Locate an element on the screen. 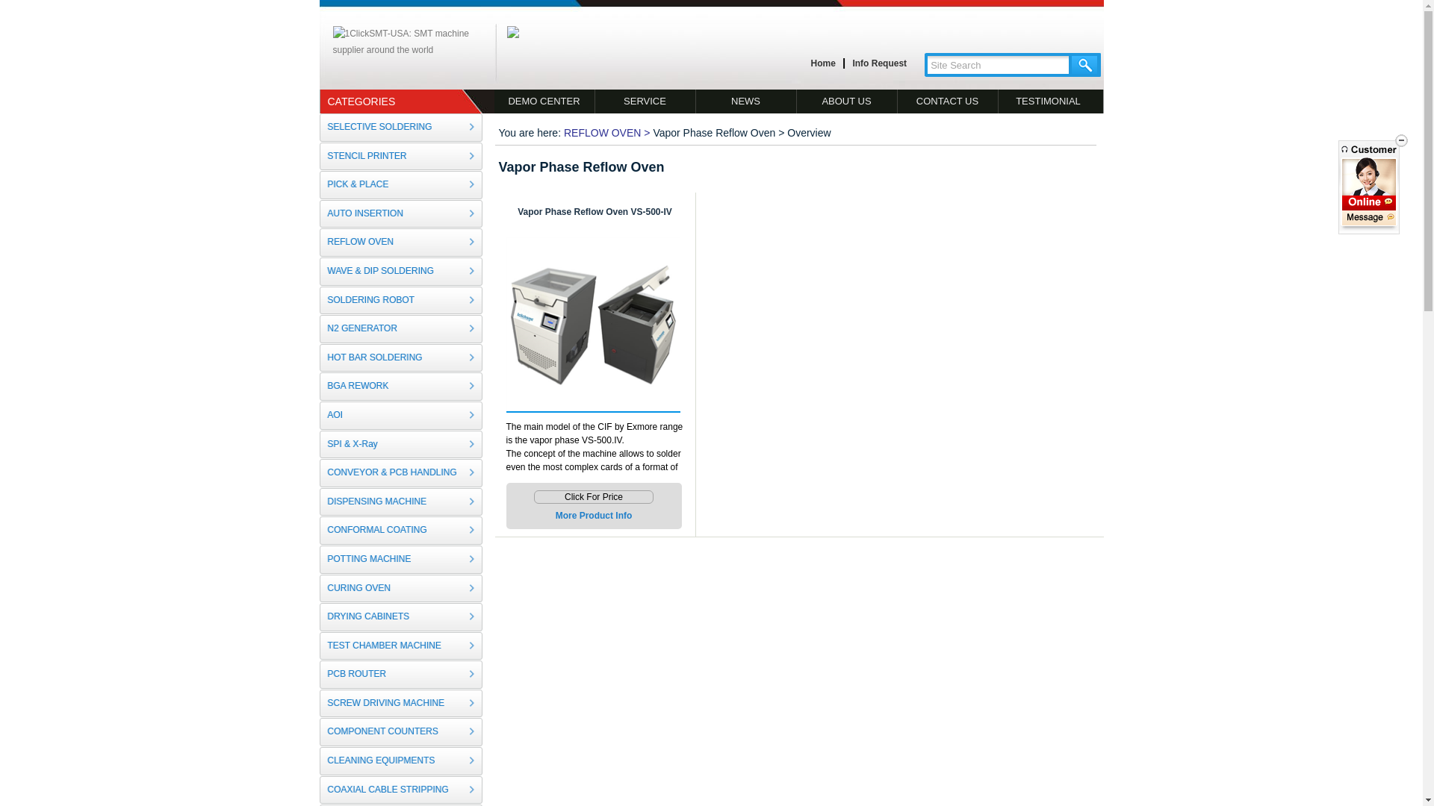 The width and height of the screenshot is (1434, 806). 'CURING OVEN' is located at coordinates (401, 588).